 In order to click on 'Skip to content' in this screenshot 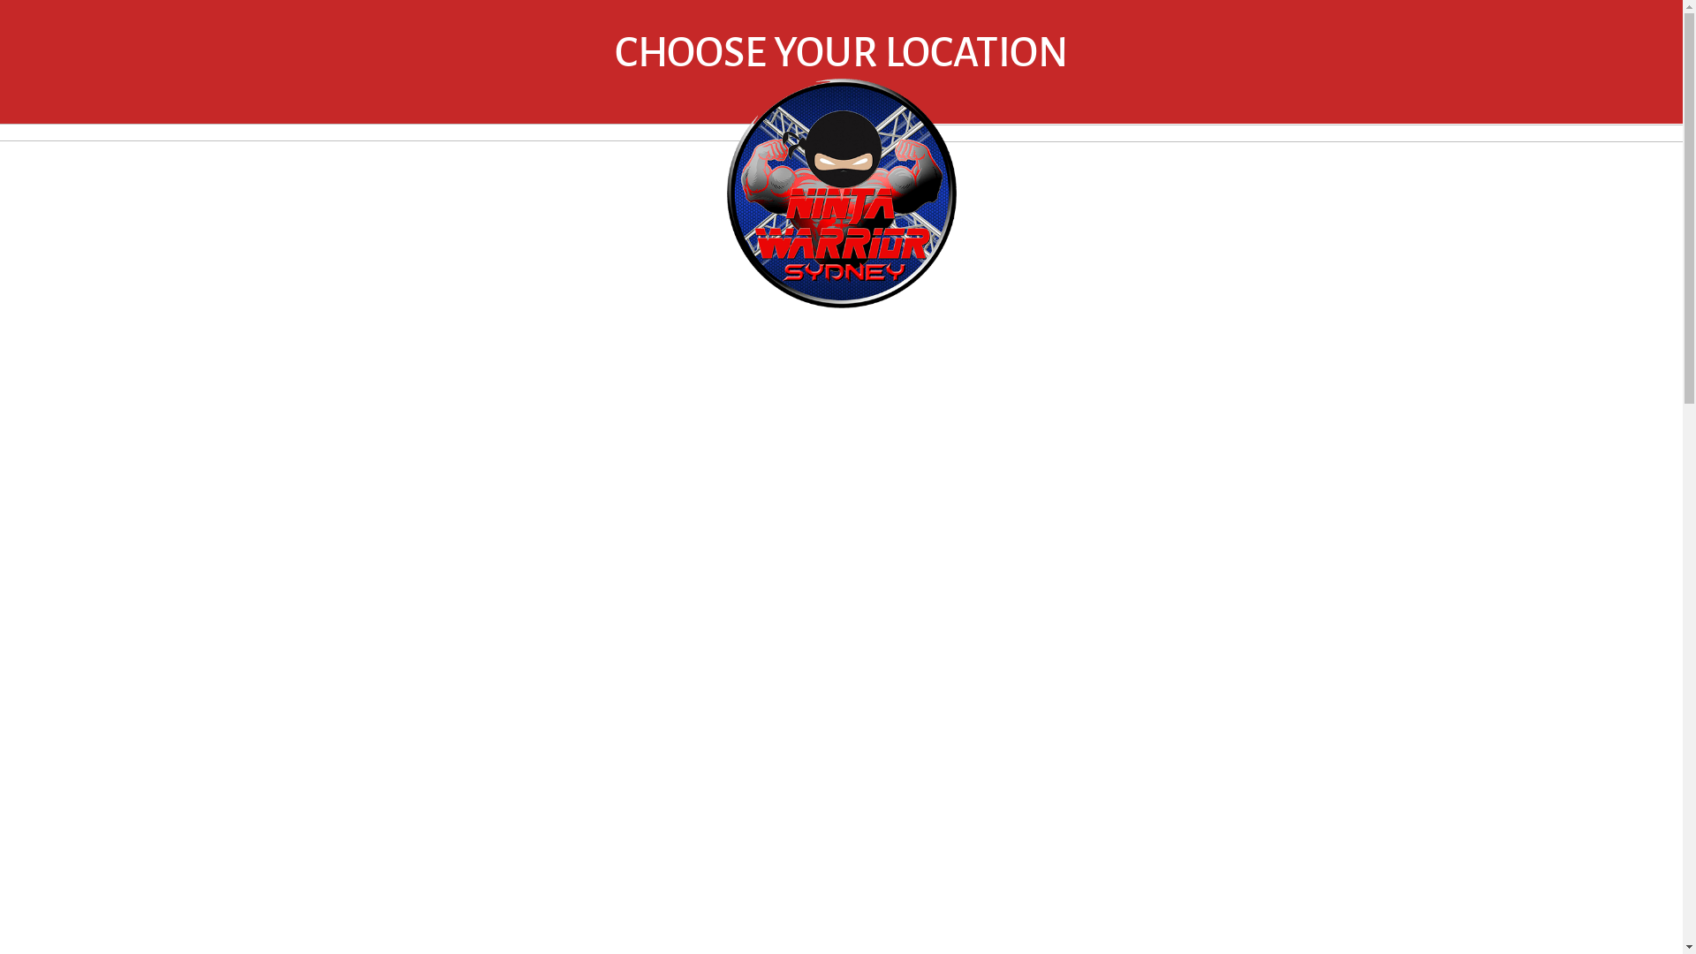, I will do `click(0, 0)`.